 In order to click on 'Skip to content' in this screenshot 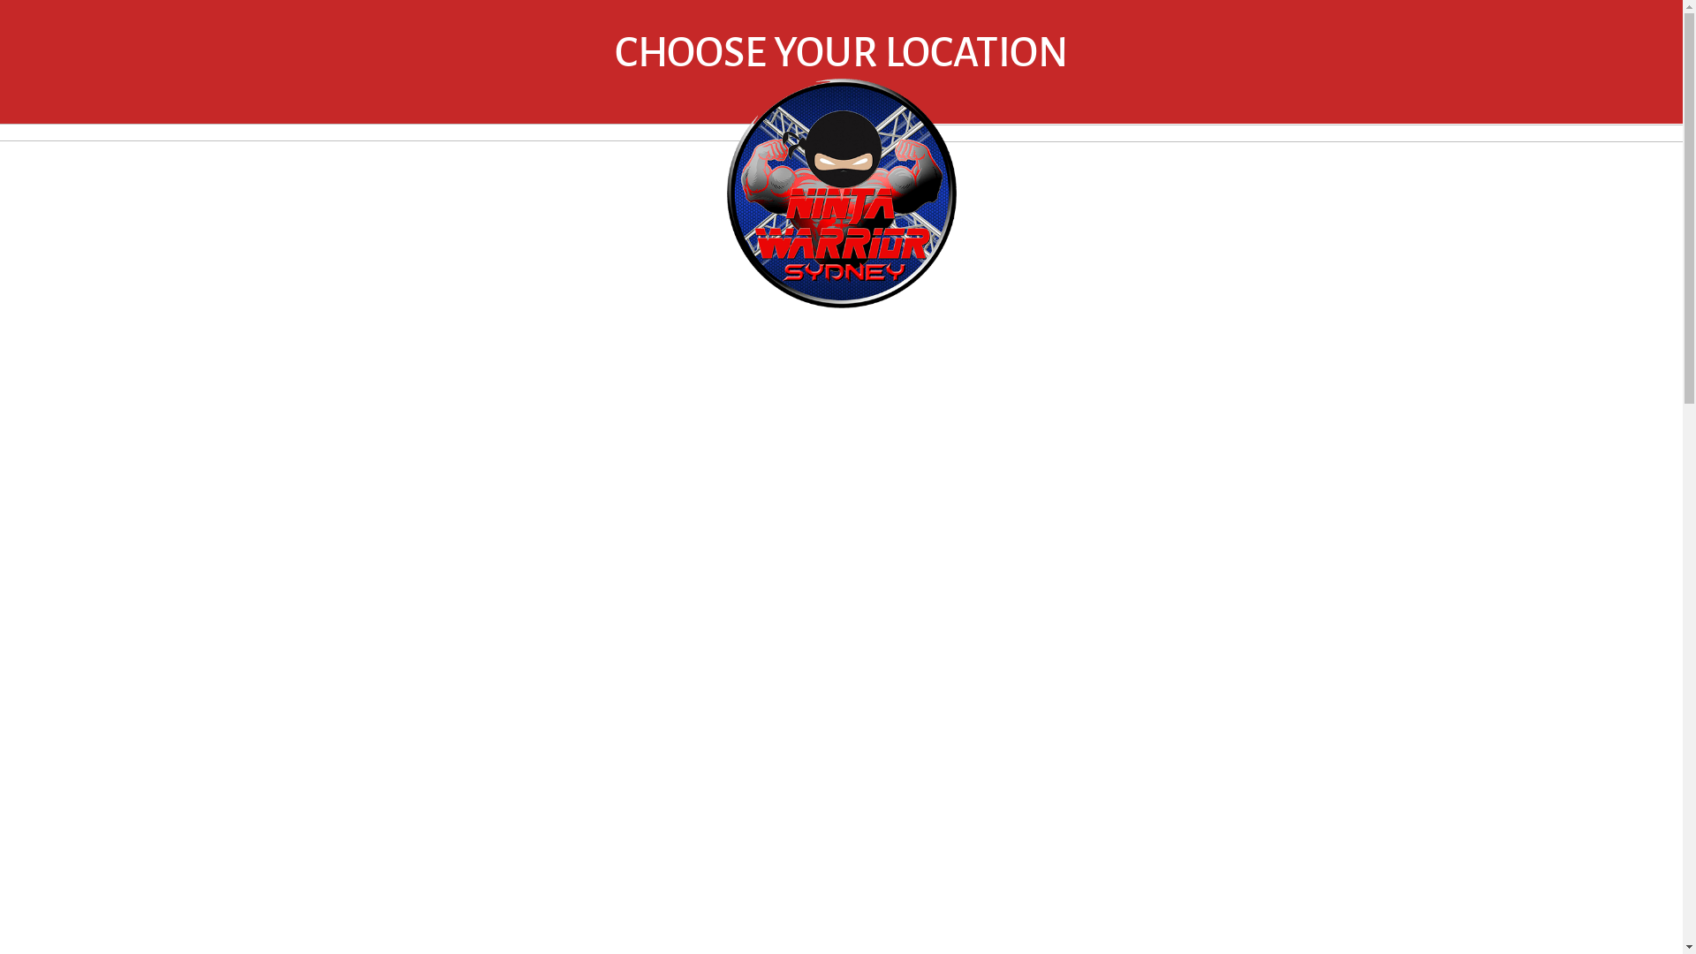, I will do `click(0, 0)`.